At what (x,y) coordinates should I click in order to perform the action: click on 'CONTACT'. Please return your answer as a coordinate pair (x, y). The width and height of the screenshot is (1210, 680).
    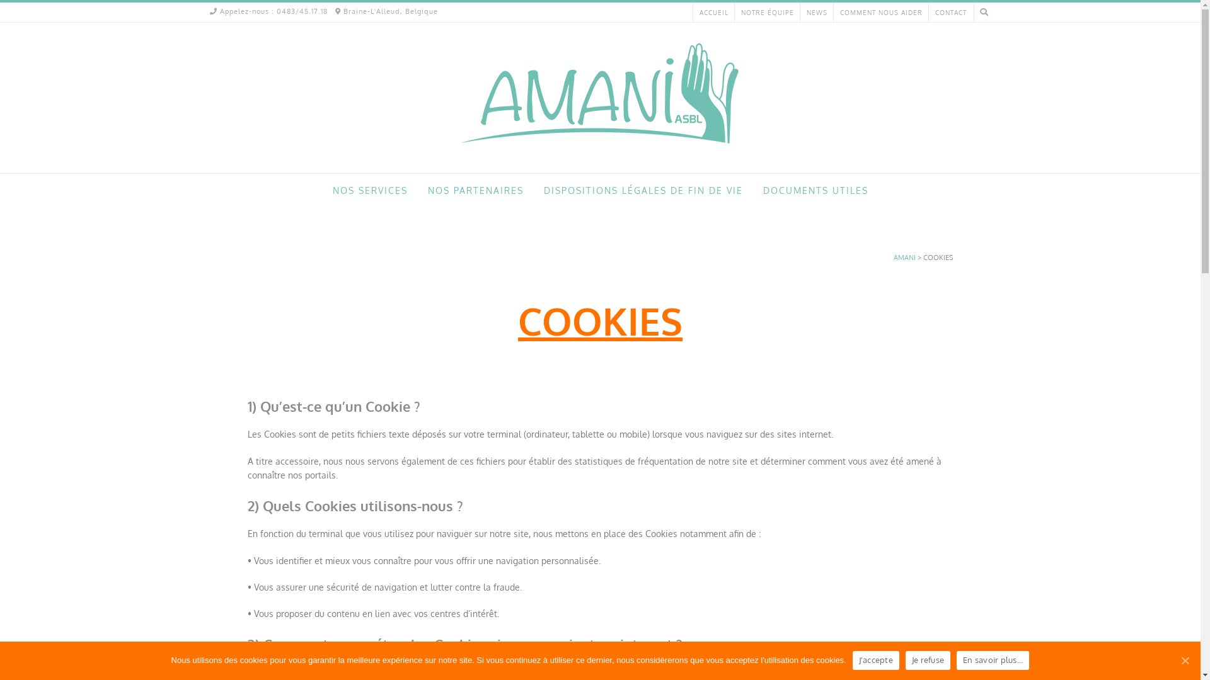
    Looking at the image, I should click on (950, 12).